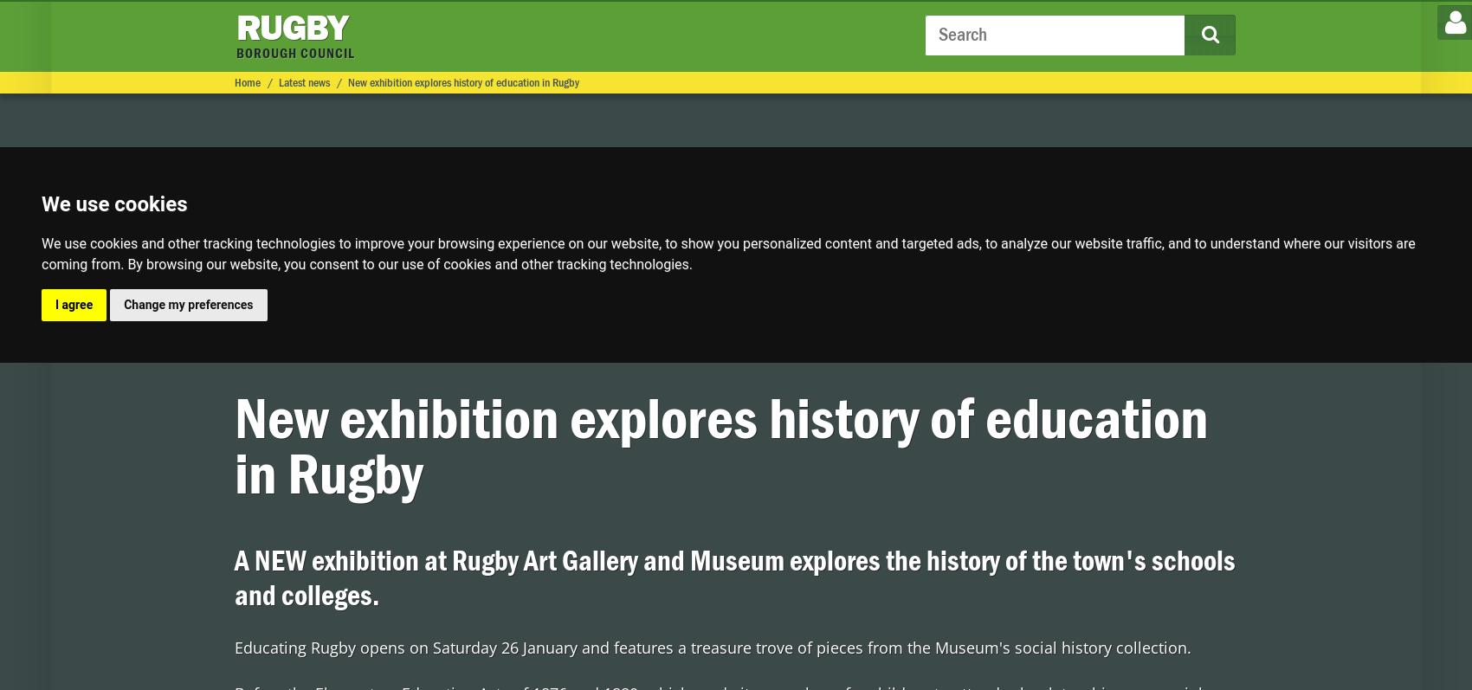  What do you see at coordinates (919, 21) in the screenshot?
I see `'If you see a problem'` at bounding box center [919, 21].